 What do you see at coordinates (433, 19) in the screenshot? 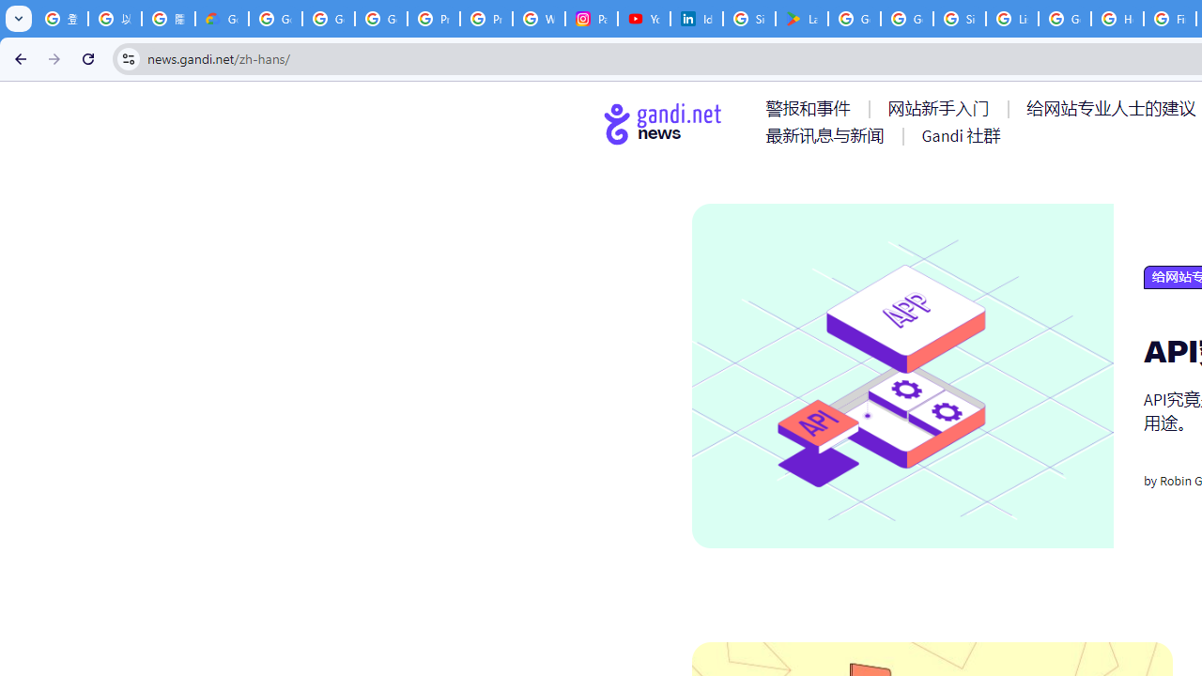
I see `'Privacy Help Center - Policies Help'` at bounding box center [433, 19].